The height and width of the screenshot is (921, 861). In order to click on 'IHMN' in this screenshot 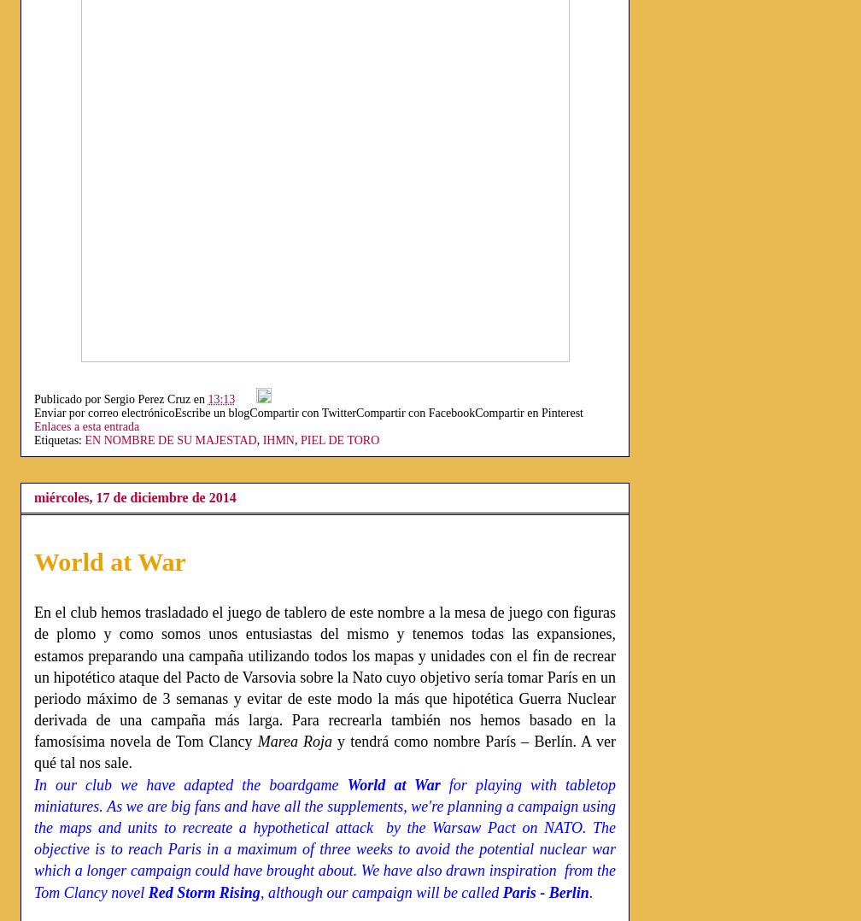, I will do `click(278, 440)`.